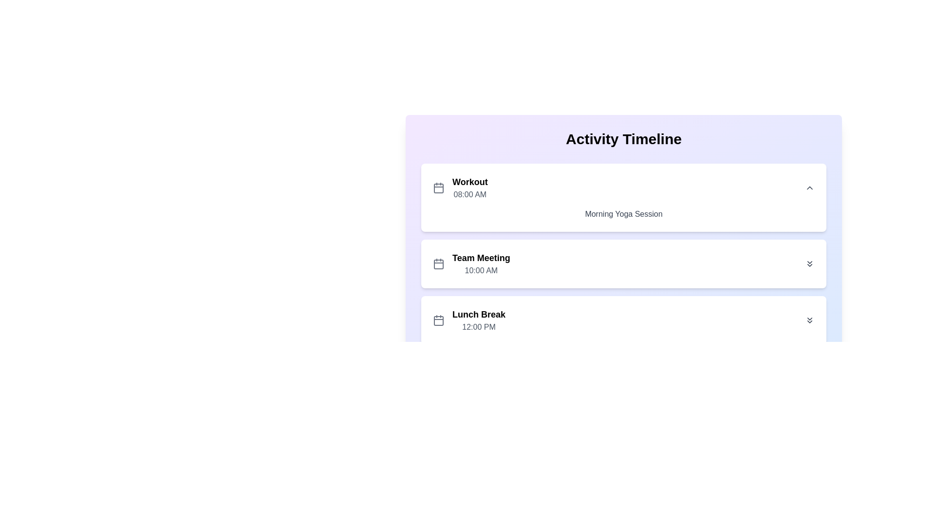 This screenshot has width=935, height=526. I want to click on the label displaying '12:00 PM' located below the 'Lunch Break' text in the third timeline entry, so click(479, 327).